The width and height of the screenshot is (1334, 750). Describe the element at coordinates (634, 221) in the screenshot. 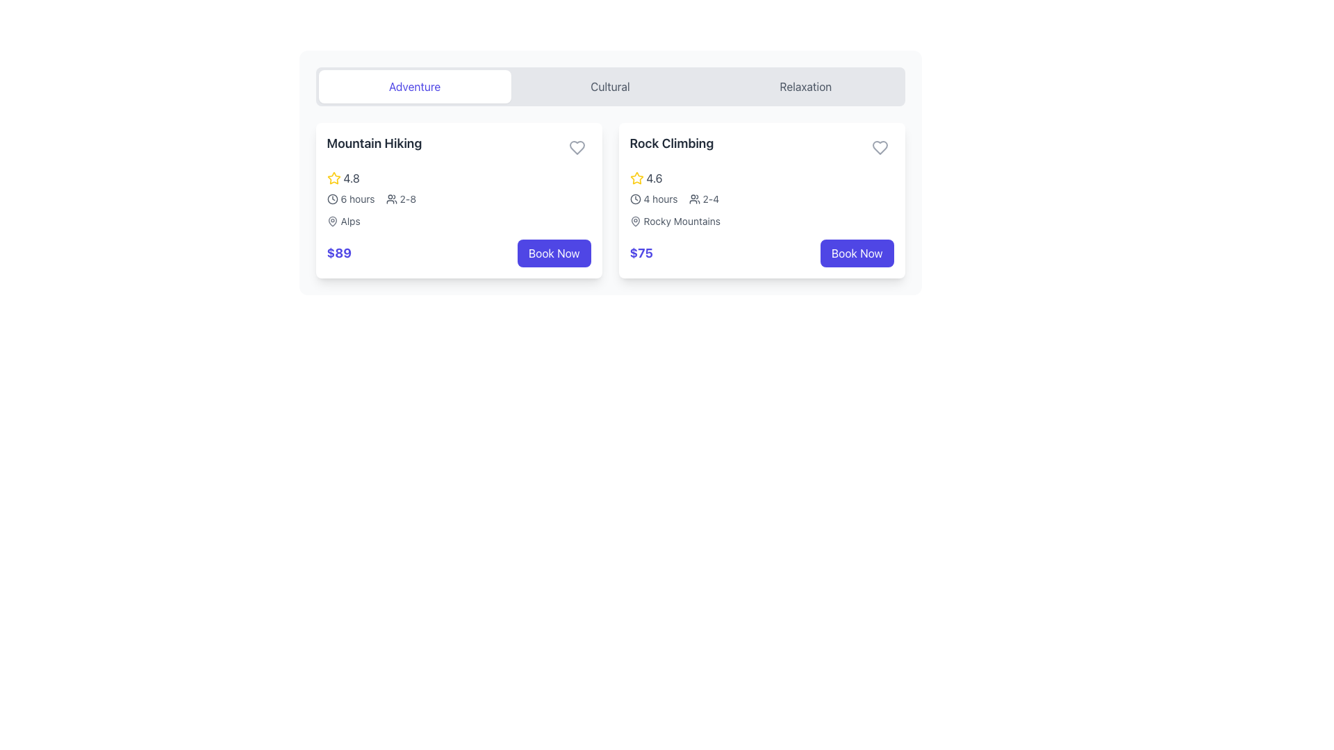

I see `the map pin icon representing a location for the 'Rock Climbing' activity, located in the second card under '4 hours', '2-4', and above 'Rocky Mountains'` at that location.